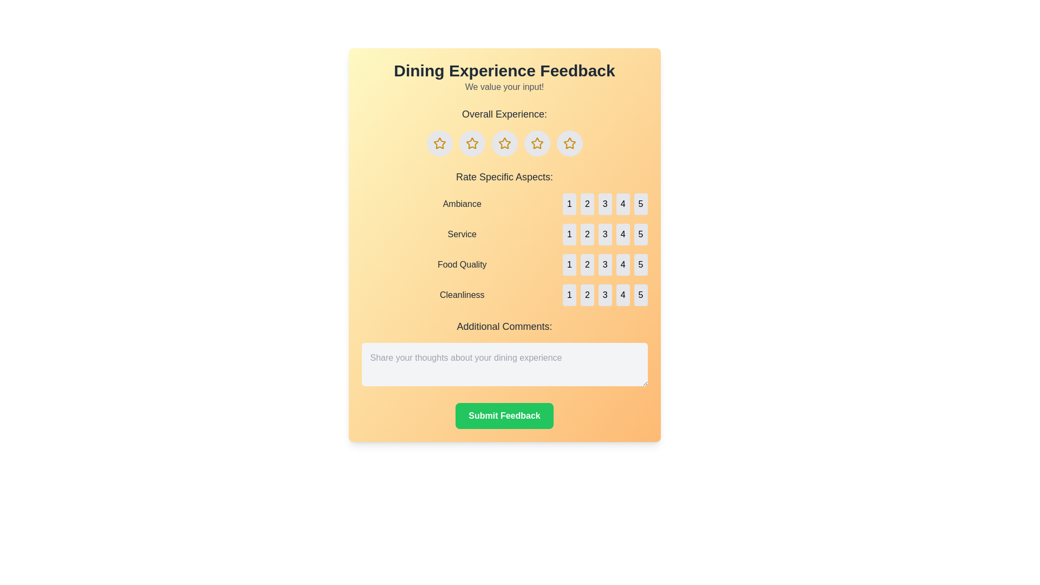  What do you see at coordinates (569, 265) in the screenshot?
I see `the first button labeled '1' in the 'Food Quality' row of the 'Rate Specific Aspects' section` at bounding box center [569, 265].